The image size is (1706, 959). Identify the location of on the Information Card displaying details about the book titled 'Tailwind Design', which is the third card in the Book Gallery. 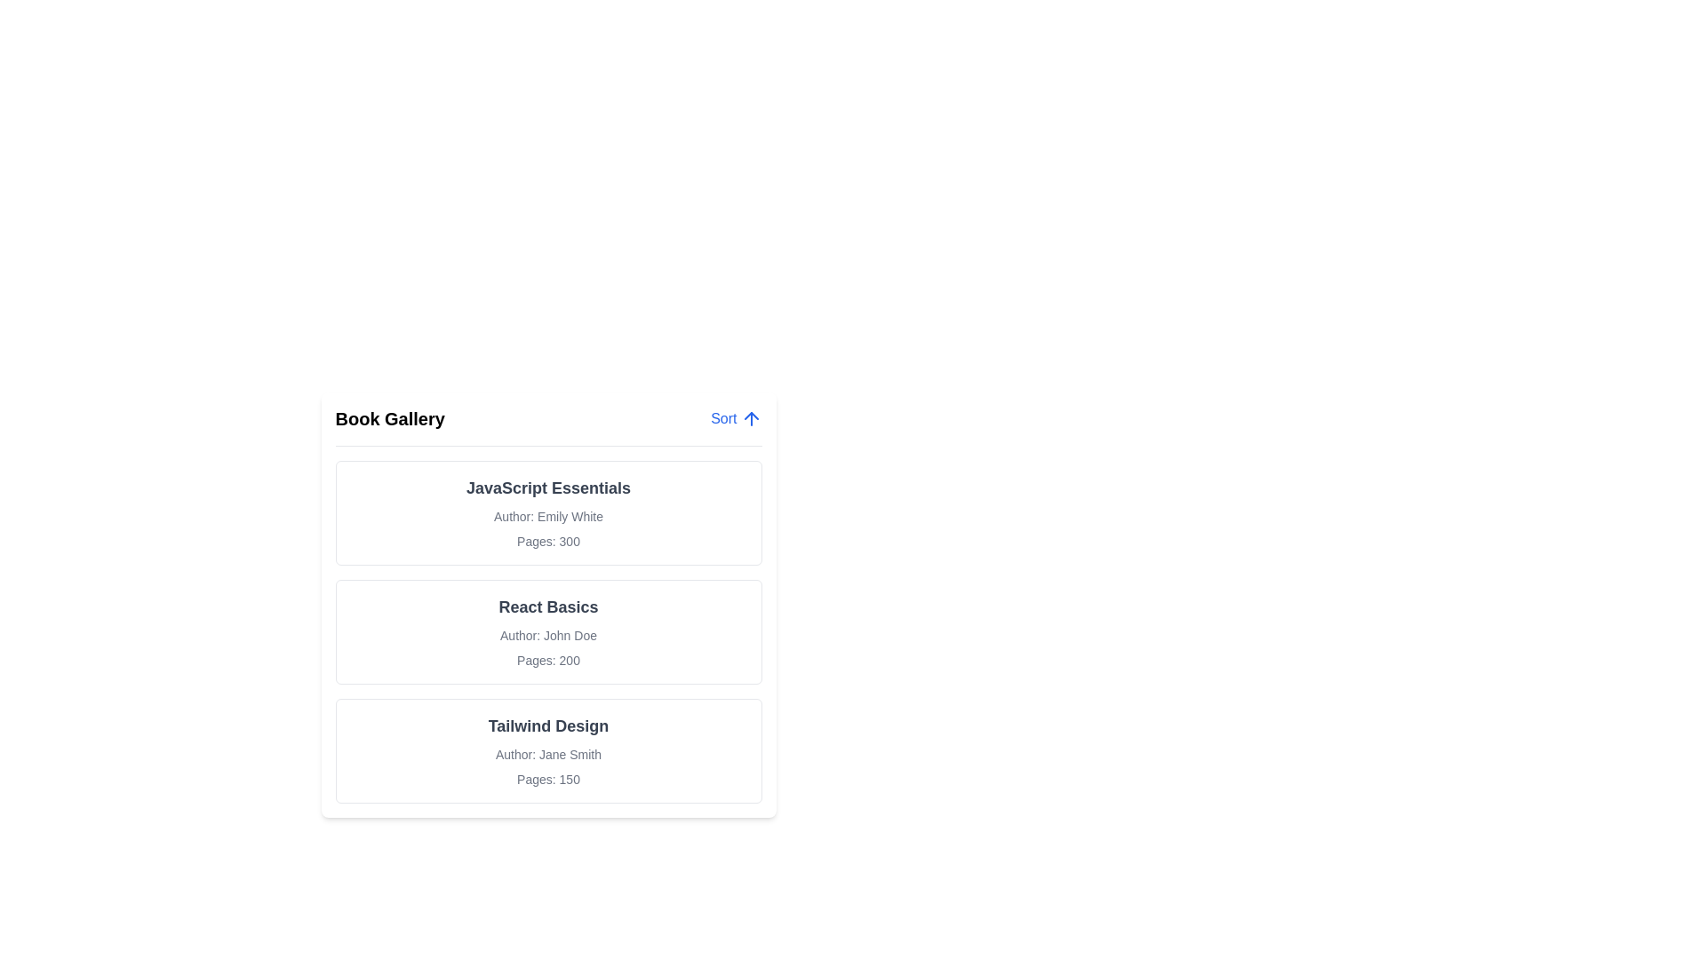
(547, 750).